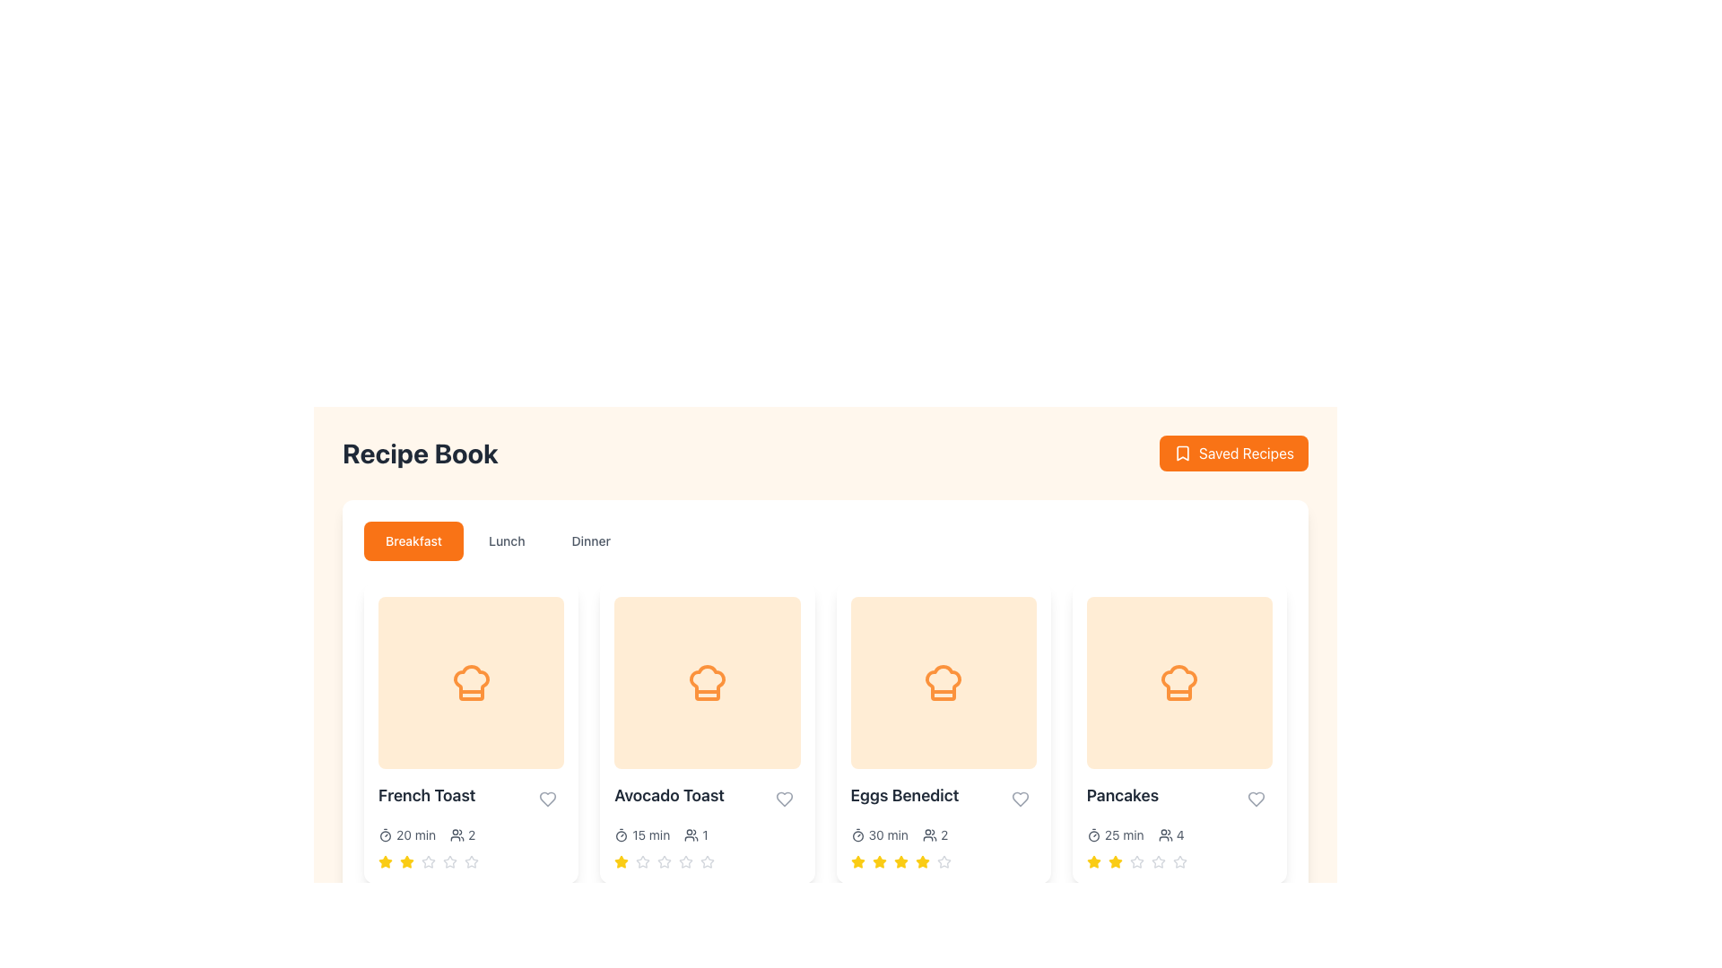 This screenshot has height=968, width=1722. I want to click on the fourth star icon in the rating system for the 'Pancakes' card, so click(1158, 860).